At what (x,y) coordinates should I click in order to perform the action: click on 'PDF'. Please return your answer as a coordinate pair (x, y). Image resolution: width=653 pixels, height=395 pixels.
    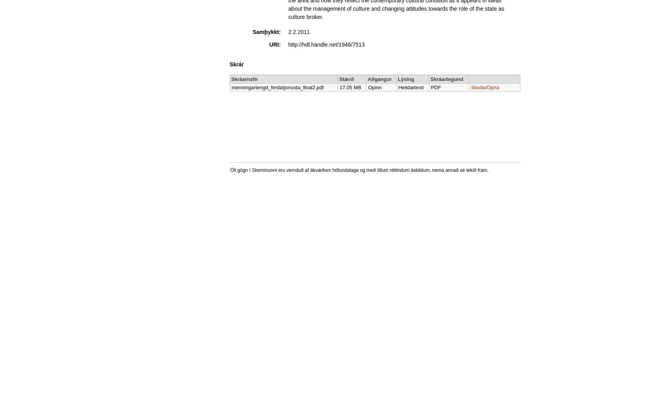
    Looking at the image, I should click on (431, 87).